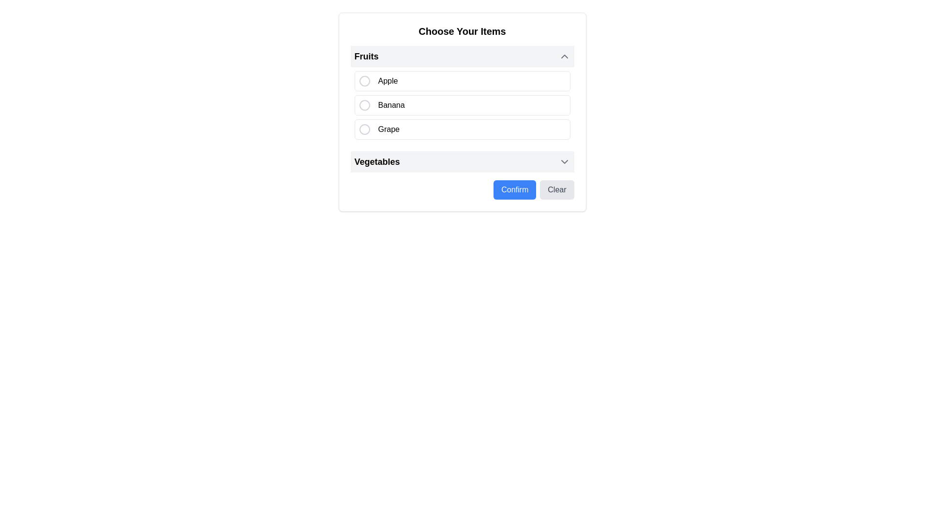 The image size is (929, 522). Describe the element at coordinates (462, 105) in the screenshot. I see `the 'Banana' radio button within the 'Fruits' section of selectable radio buttons` at that location.